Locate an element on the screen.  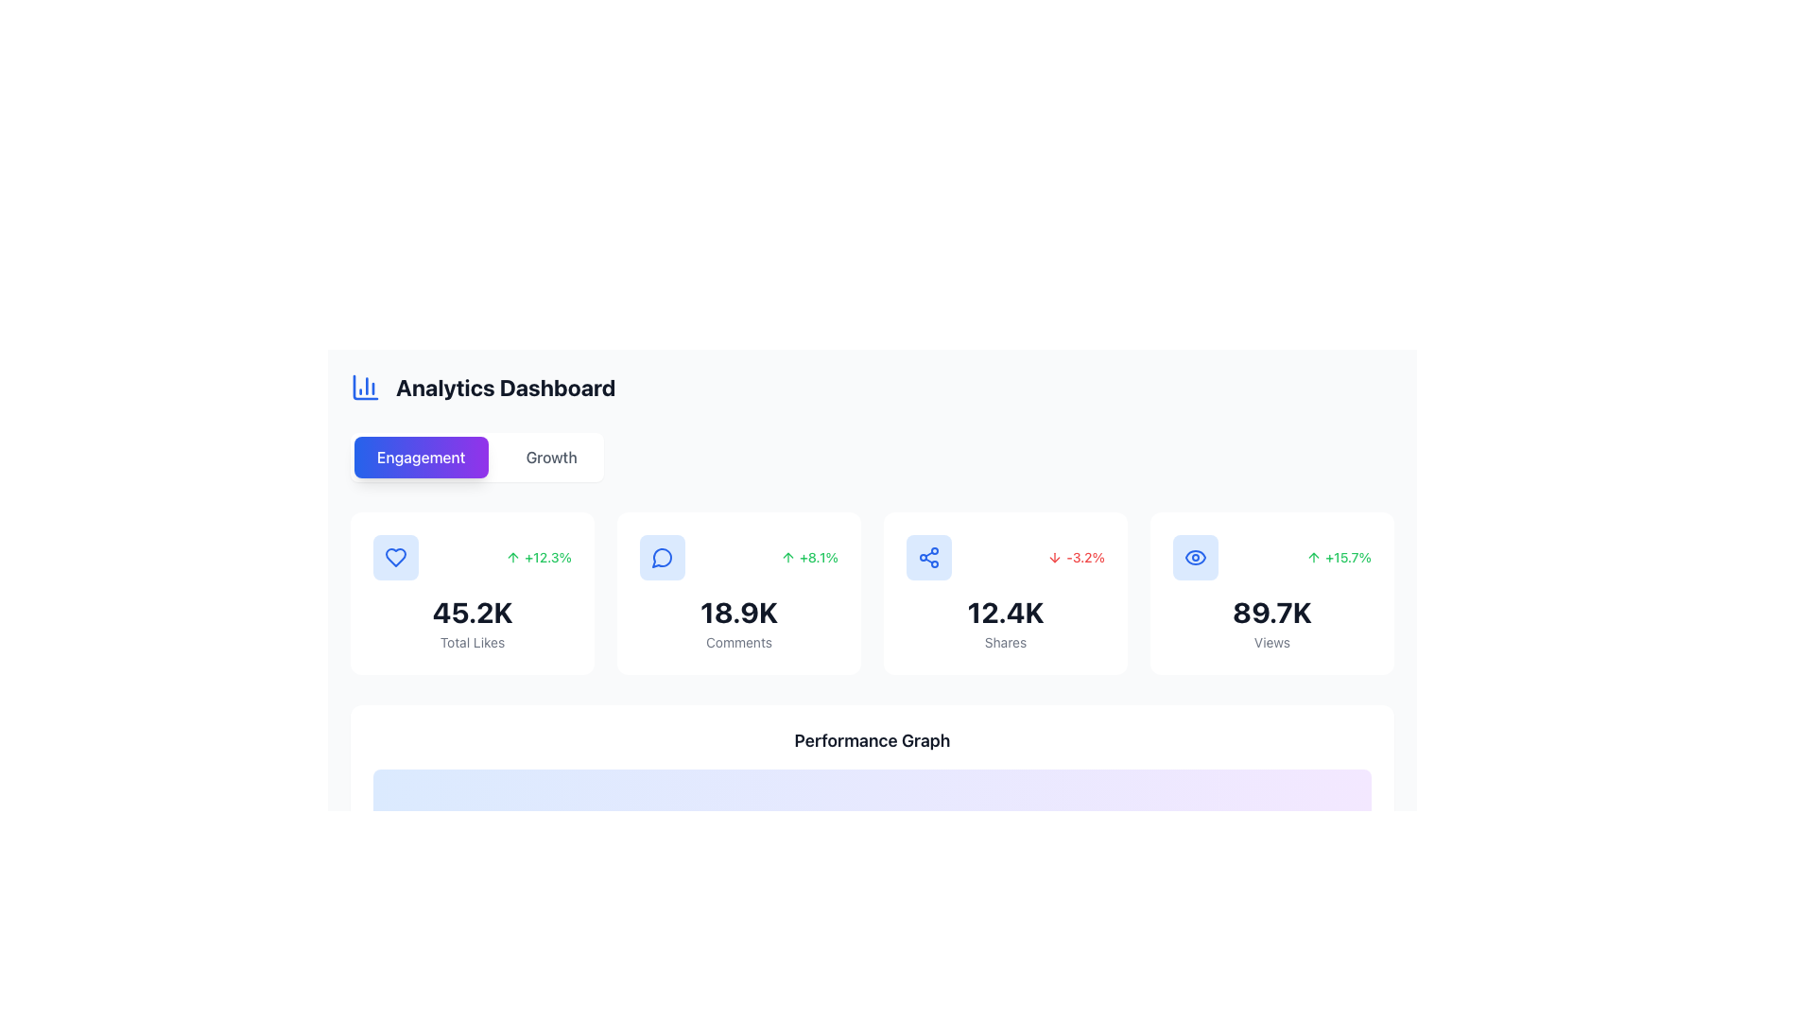
the green upward-pointing arrow icon indicating a percentage increase is located at coordinates (513, 557).